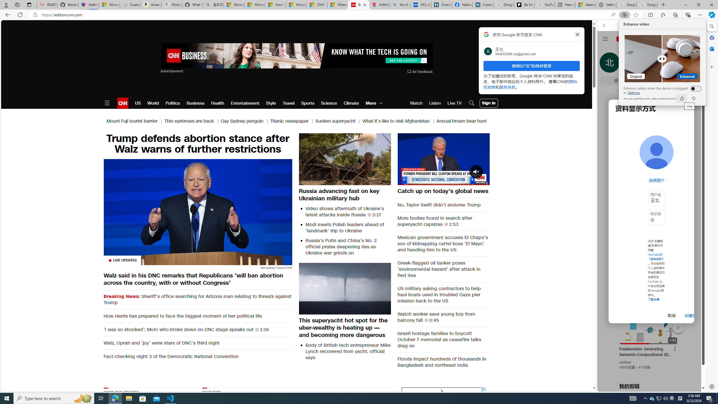 The width and height of the screenshot is (718, 404). What do you see at coordinates (651, 152) in the screenshot?
I see `'Music'` at bounding box center [651, 152].